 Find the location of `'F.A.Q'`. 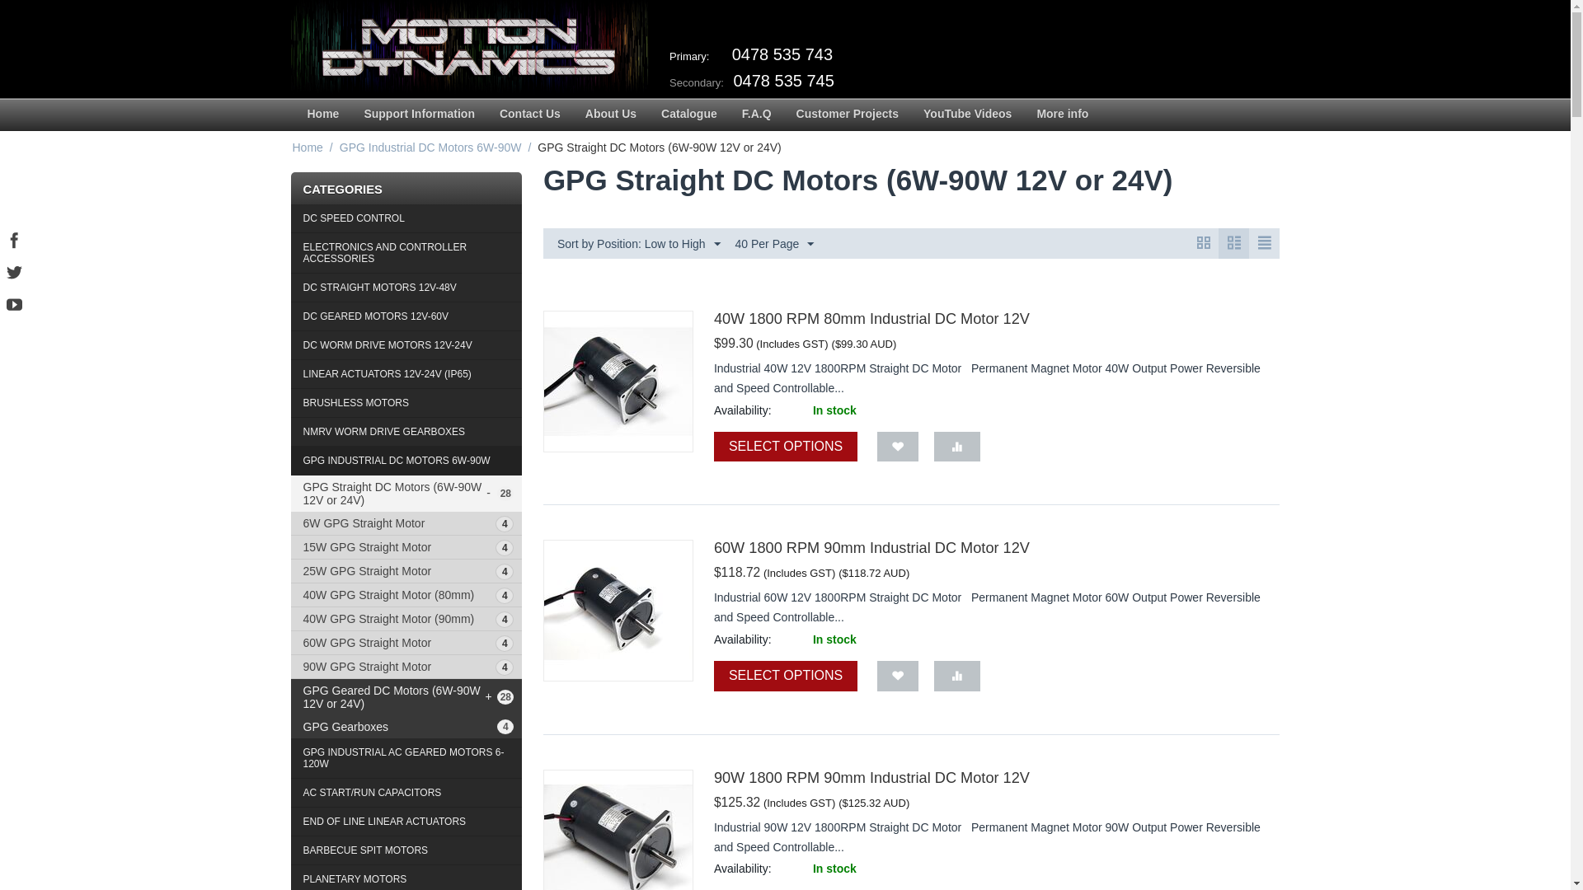

'F.A.Q' is located at coordinates (728, 114).